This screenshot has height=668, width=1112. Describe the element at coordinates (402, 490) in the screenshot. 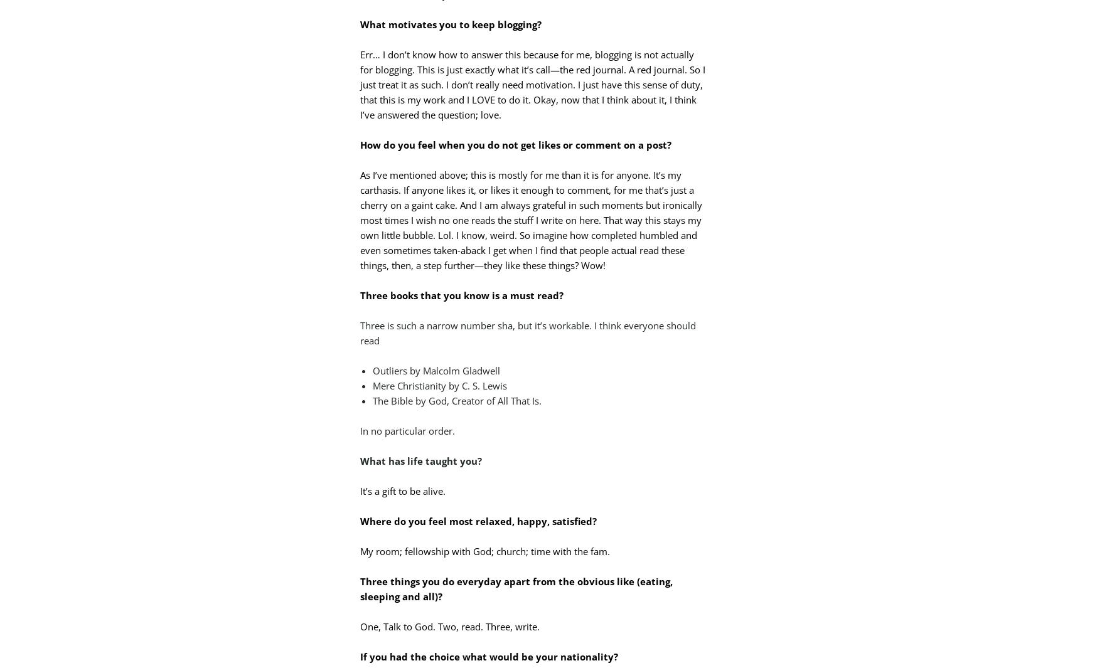

I see `'It’s a gift to be alive.'` at that location.